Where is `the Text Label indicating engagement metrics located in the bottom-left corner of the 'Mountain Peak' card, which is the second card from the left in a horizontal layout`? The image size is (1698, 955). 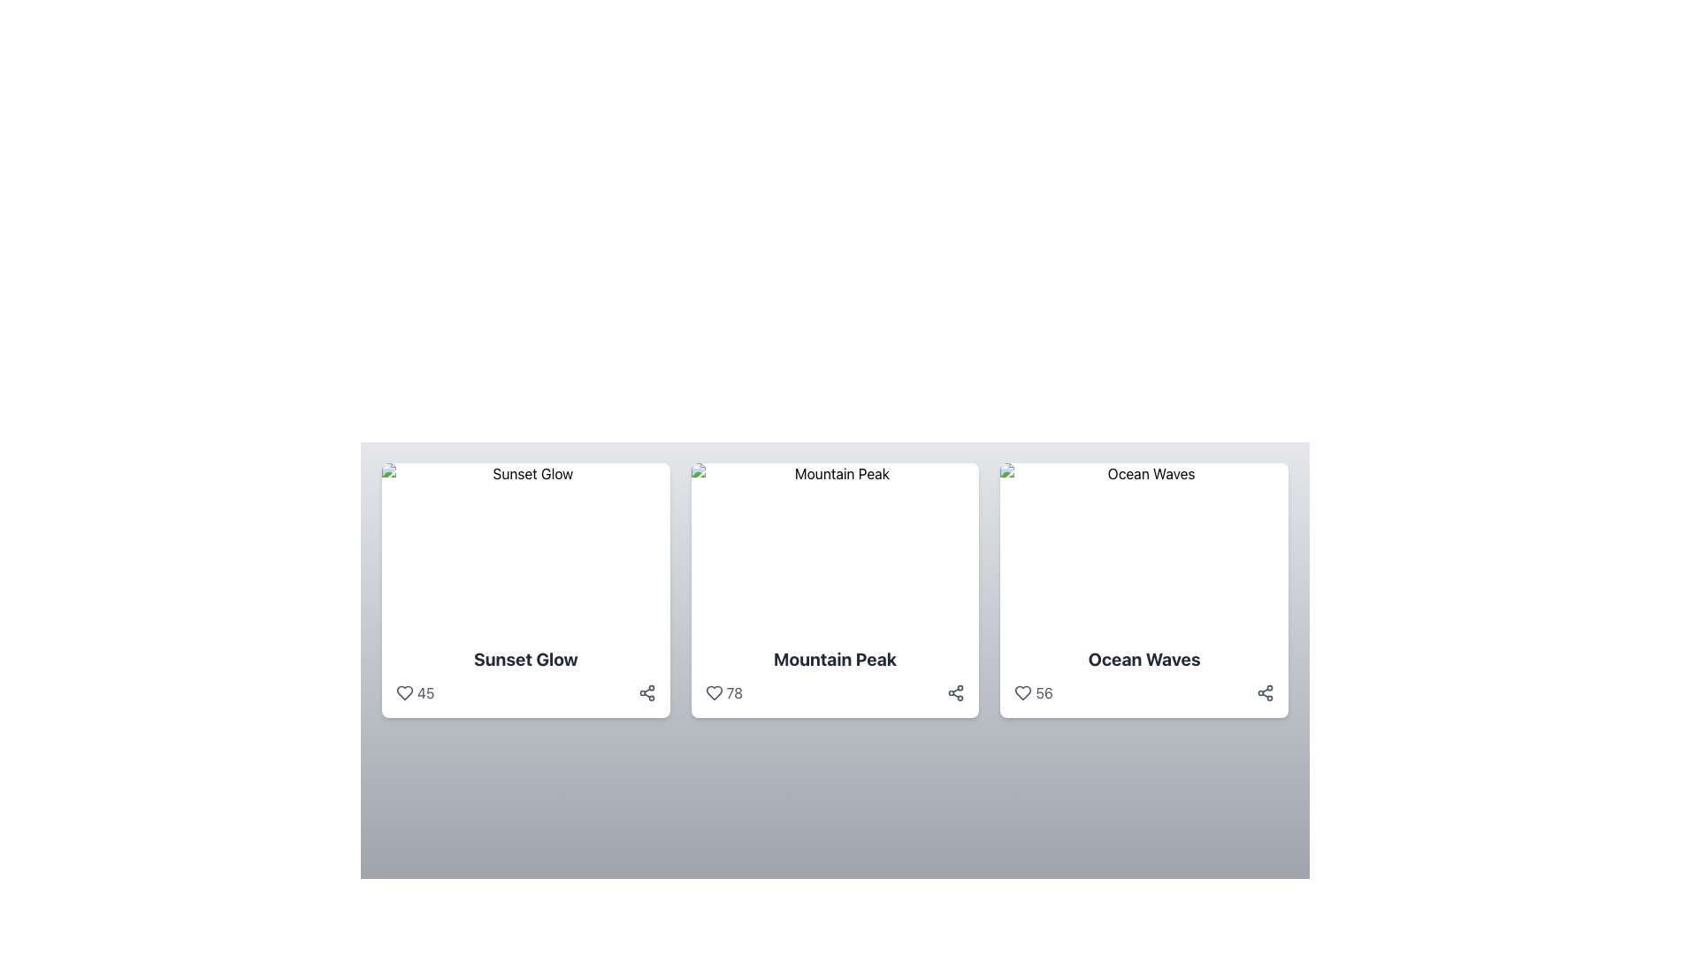 the Text Label indicating engagement metrics located in the bottom-left corner of the 'Mountain Peak' card, which is the second card from the left in a horizontal layout is located at coordinates (734, 691).